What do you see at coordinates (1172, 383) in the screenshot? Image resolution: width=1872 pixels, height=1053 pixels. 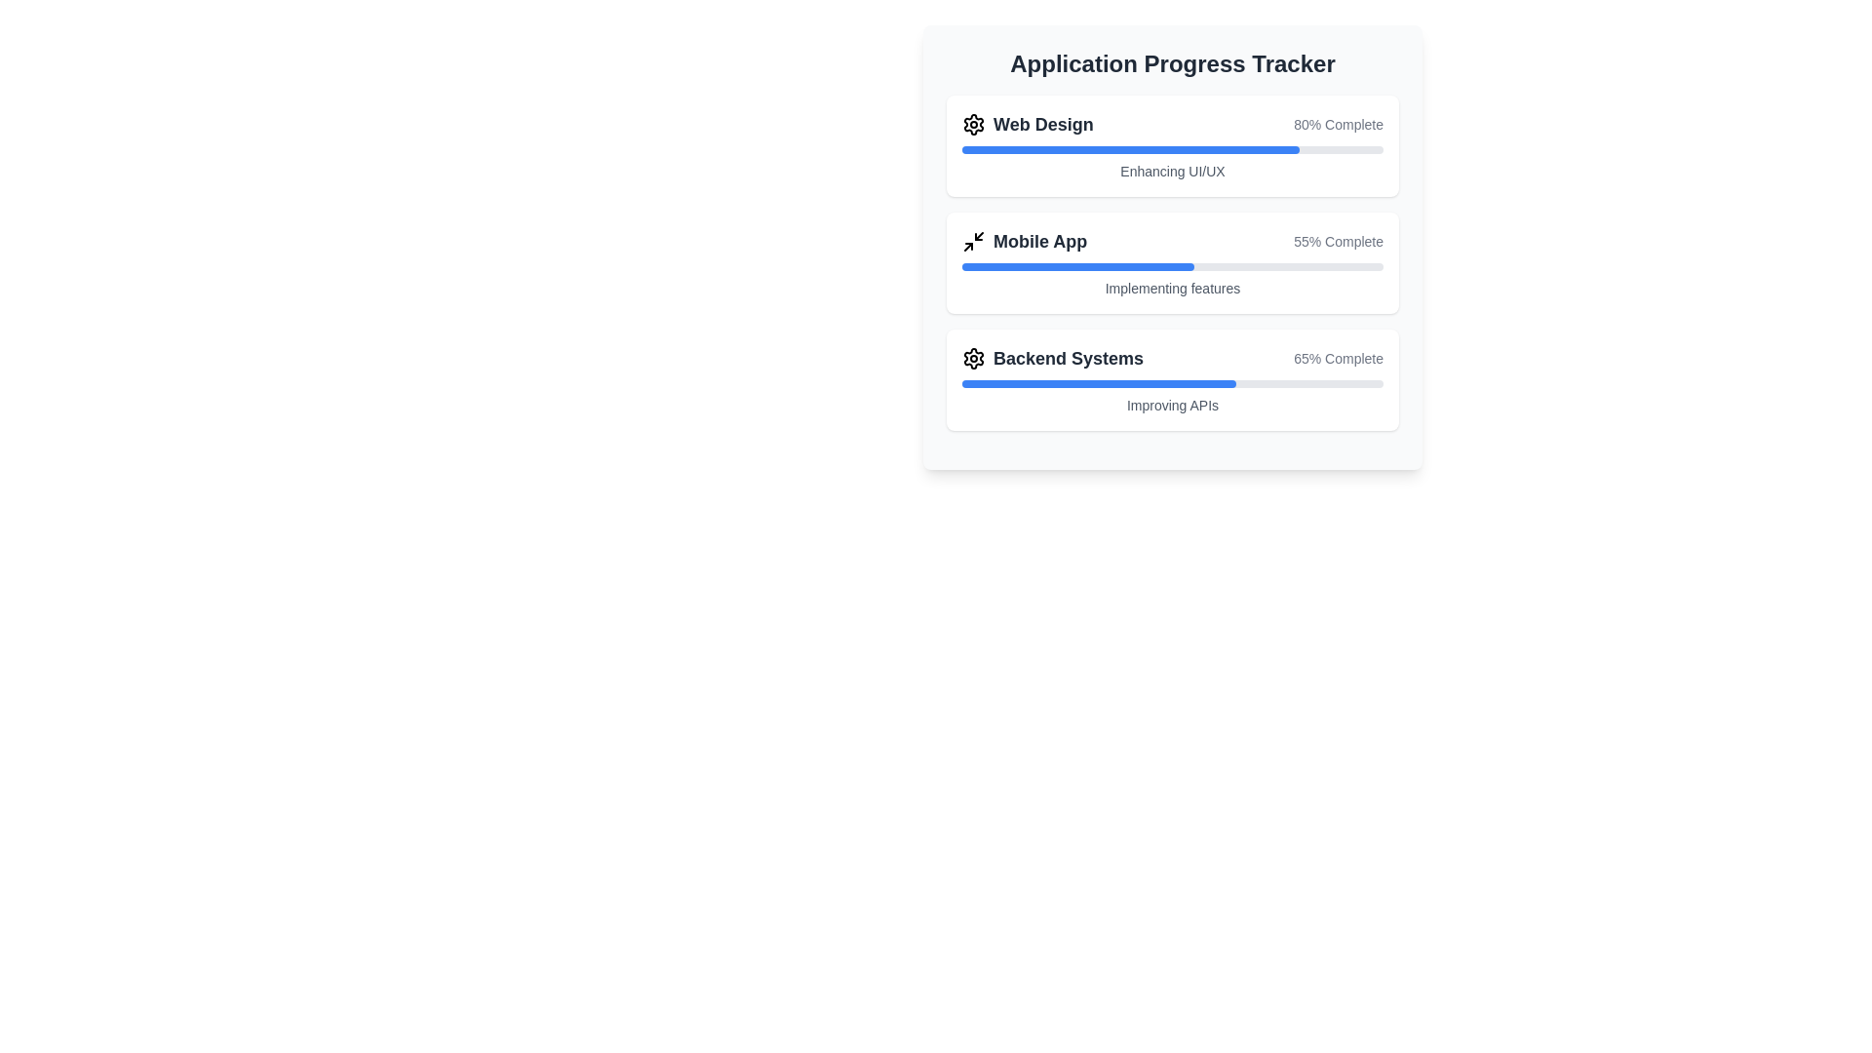 I see `the progress represented by the third progress bar in the 'Application Progress Tracker' card, indicating 65% completion of the task 'Backend Systems'` at bounding box center [1172, 383].